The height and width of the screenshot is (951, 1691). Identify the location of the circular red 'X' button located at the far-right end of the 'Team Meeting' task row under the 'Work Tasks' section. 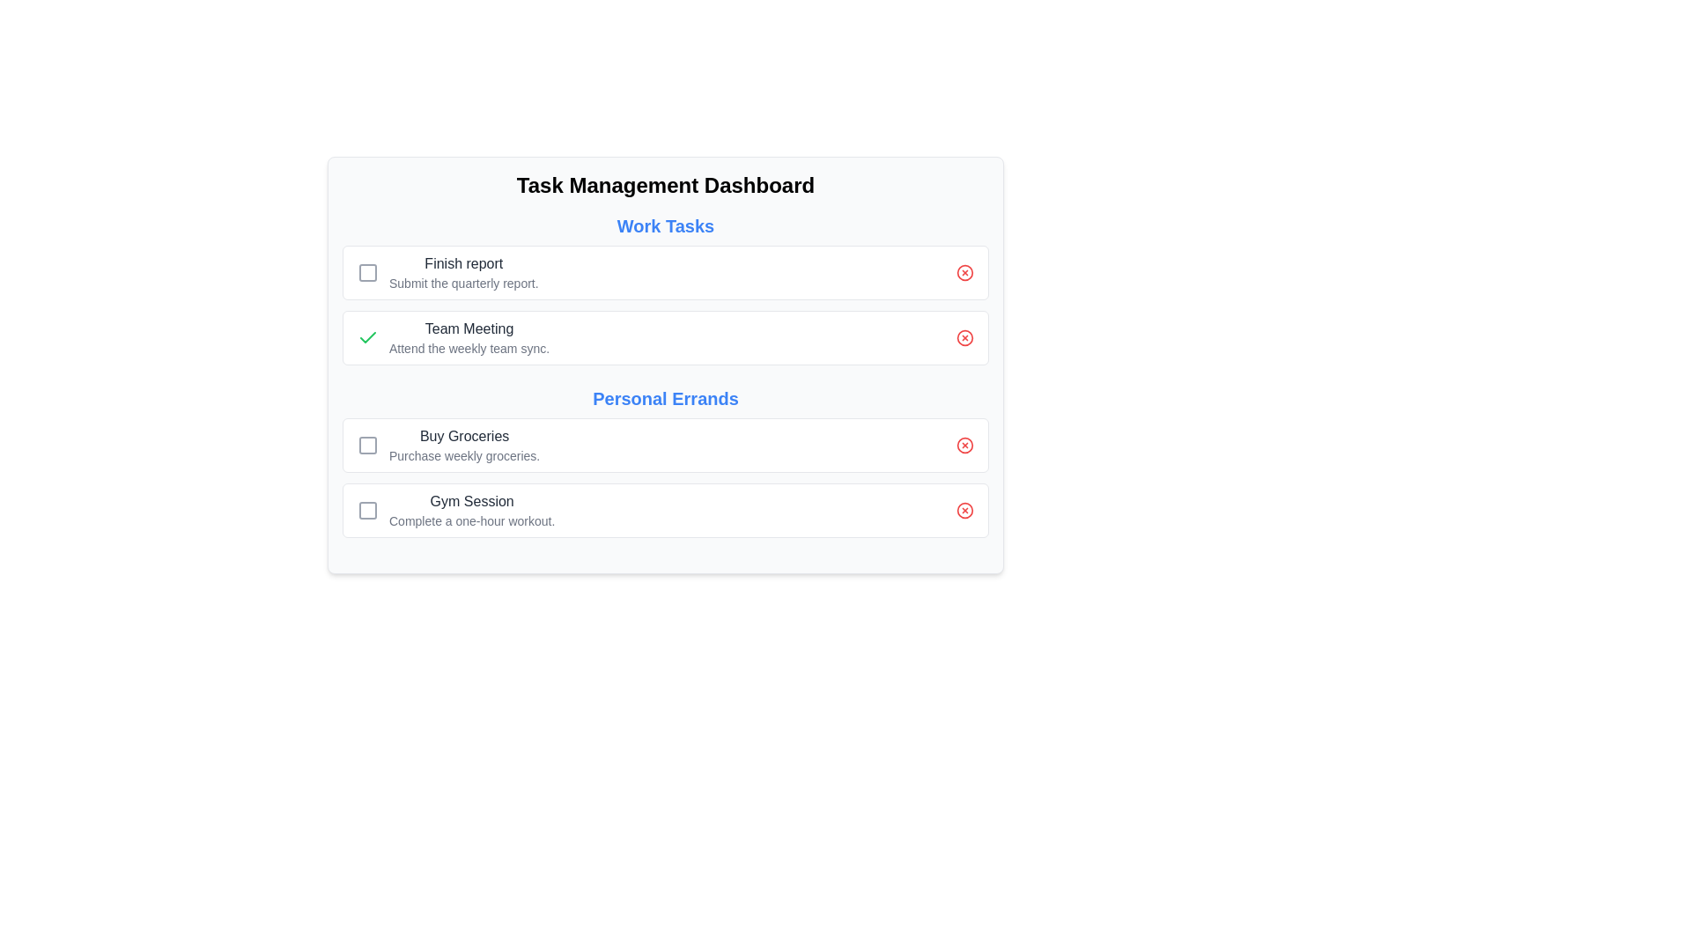
(964, 338).